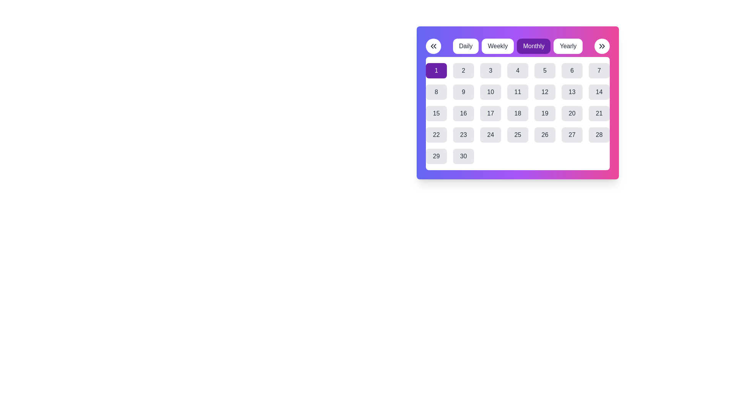 The height and width of the screenshot is (413, 734). Describe the element at coordinates (518, 135) in the screenshot. I see `the rounded square button displaying the number '25'` at that location.